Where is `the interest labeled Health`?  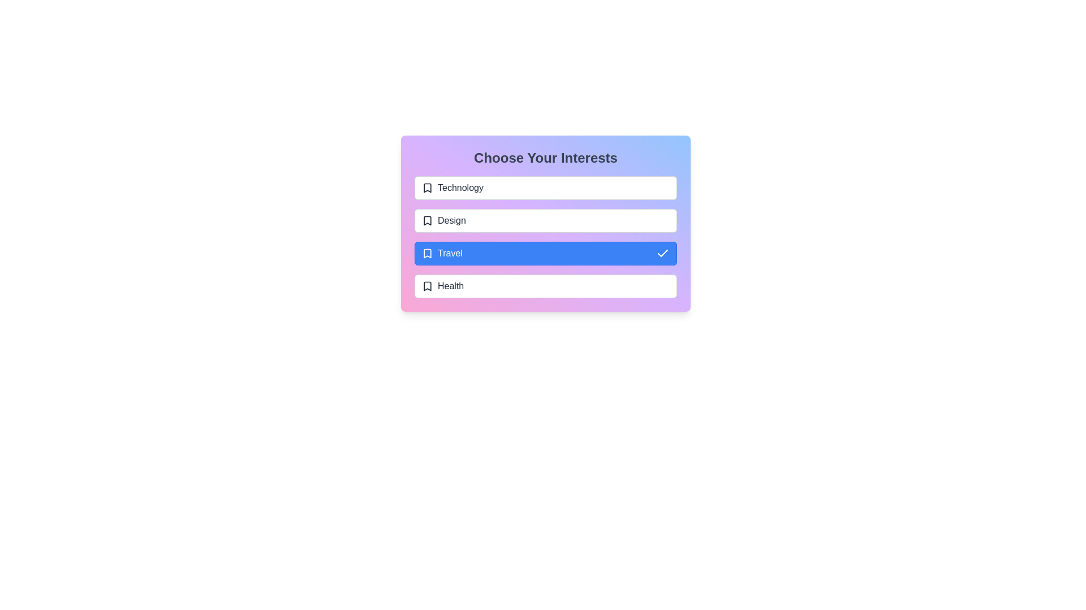
the interest labeled Health is located at coordinates (545, 285).